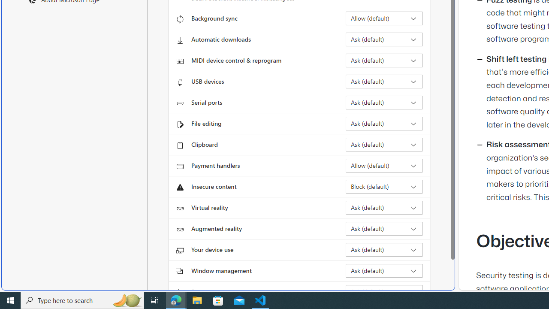 The width and height of the screenshot is (549, 309). I want to click on 'Payment handlers Allow (default)', so click(384, 165).